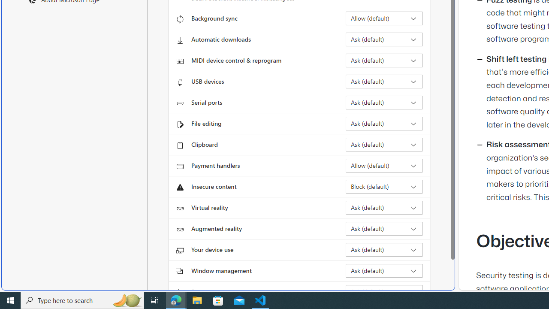 The width and height of the screenshot is (549, 309). I want to click on 'Payment handlers Allow (default)', so click(384, 165).